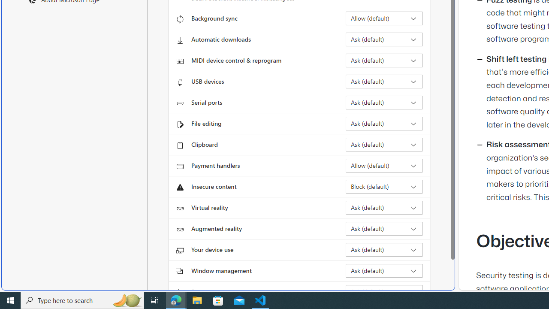 The width and height of the screenshot is (549, 309). I want to click on 'Payment handlers Allow (default)', so click(384, 165).